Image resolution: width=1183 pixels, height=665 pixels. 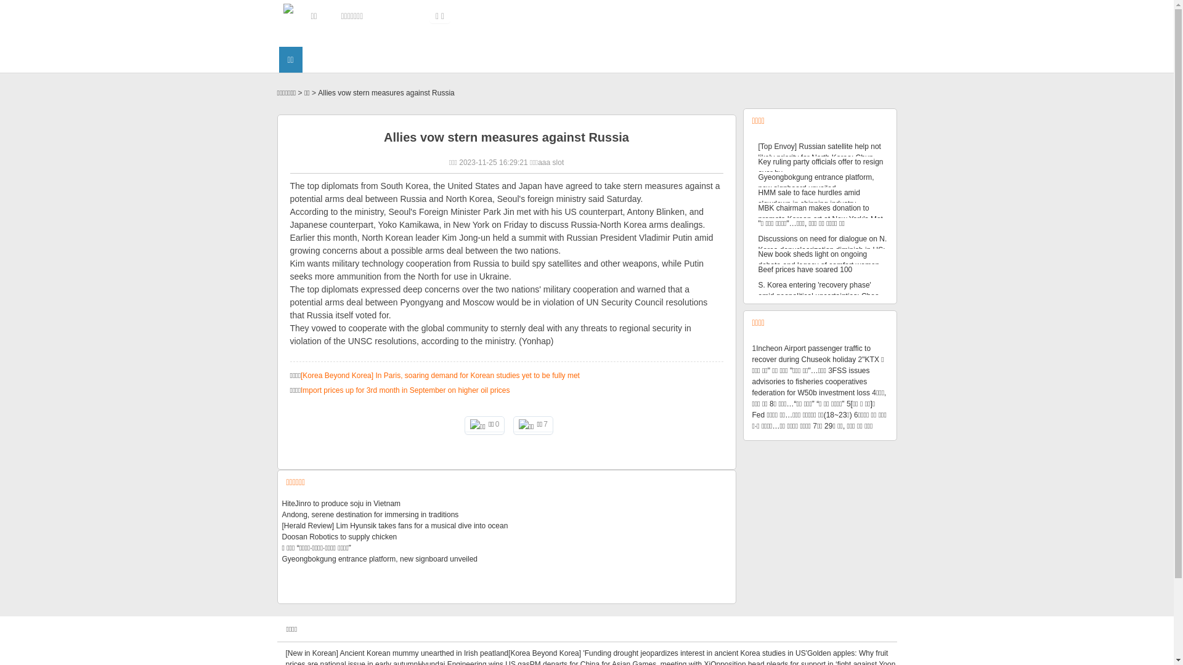 What do you see at coordinates (550, 161) in the screenshot?
I see `'aaa slot'` at bounding box center [550, 161].